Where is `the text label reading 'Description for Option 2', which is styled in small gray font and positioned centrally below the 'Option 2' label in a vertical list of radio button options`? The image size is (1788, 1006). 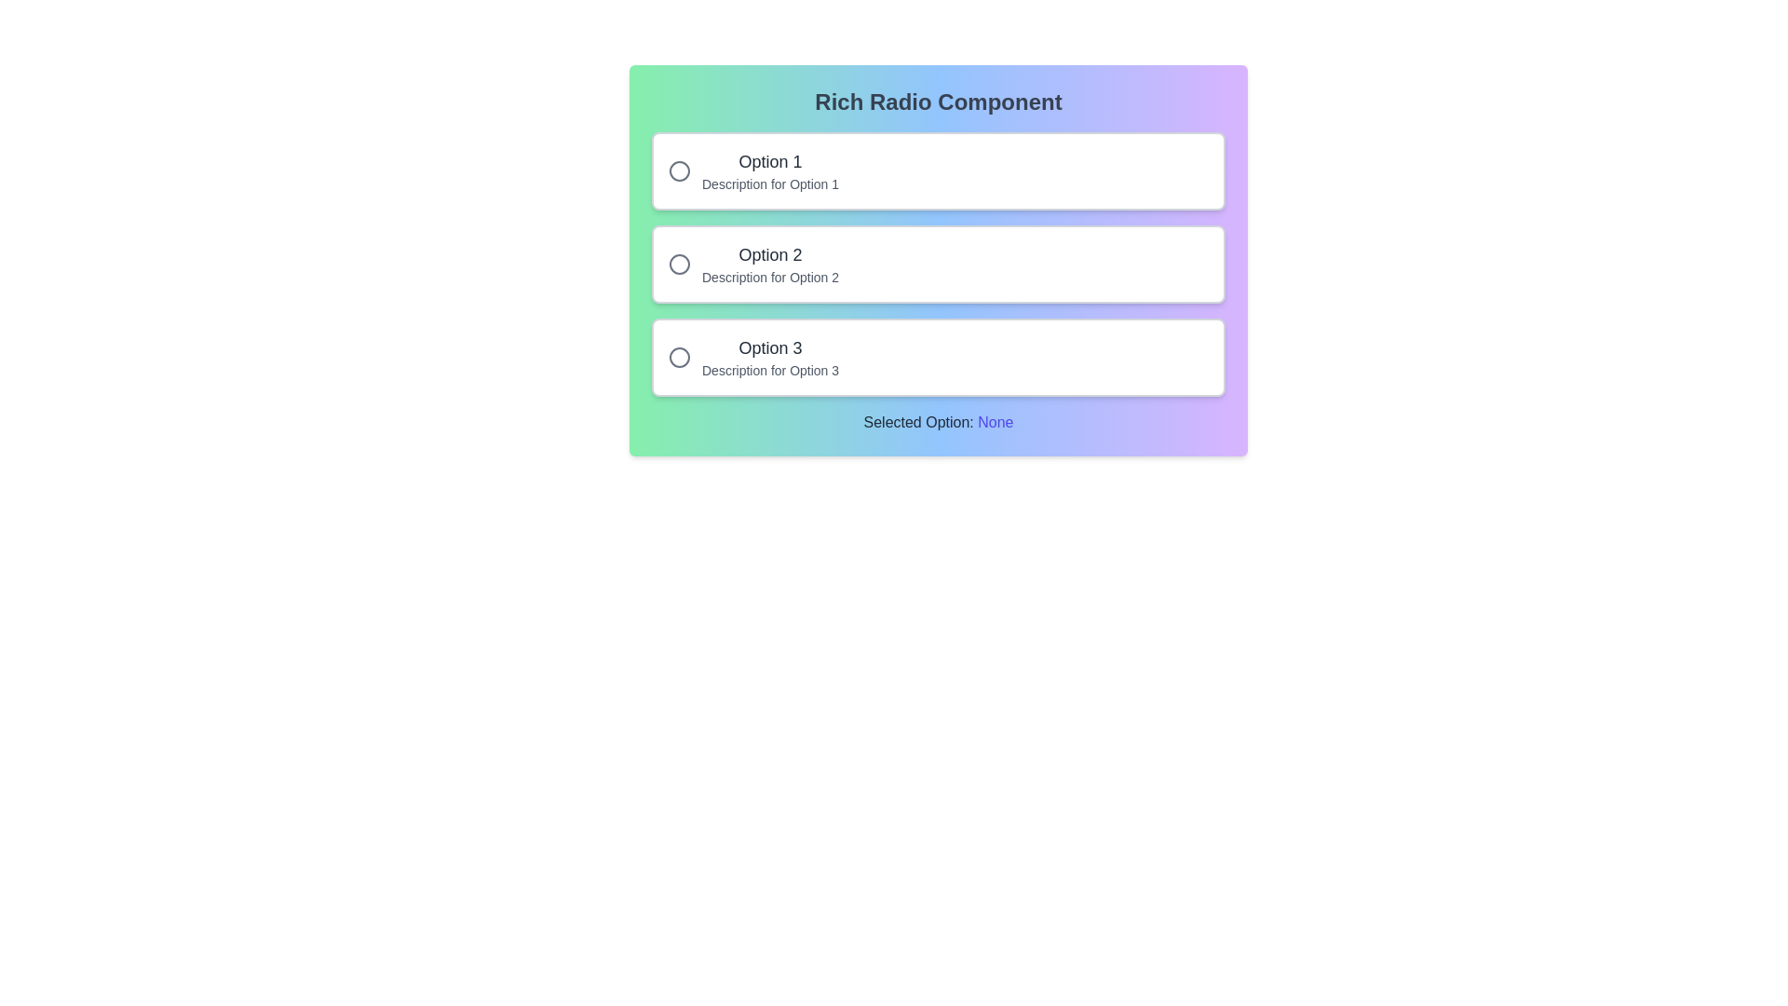
the text label reading 'Description for Option 2', which is styled in small gray font and positioned centrally below the 'Option 2' label in a vertical list of radio button options is located at coordinates (770, 277).